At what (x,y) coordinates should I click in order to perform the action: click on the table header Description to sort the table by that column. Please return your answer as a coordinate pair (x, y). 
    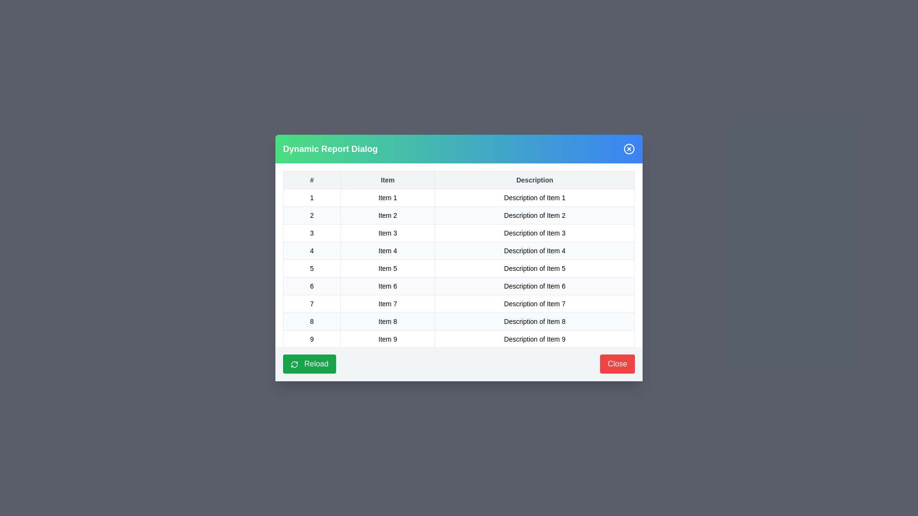
    Looking at the image, I should click on (534, 180).